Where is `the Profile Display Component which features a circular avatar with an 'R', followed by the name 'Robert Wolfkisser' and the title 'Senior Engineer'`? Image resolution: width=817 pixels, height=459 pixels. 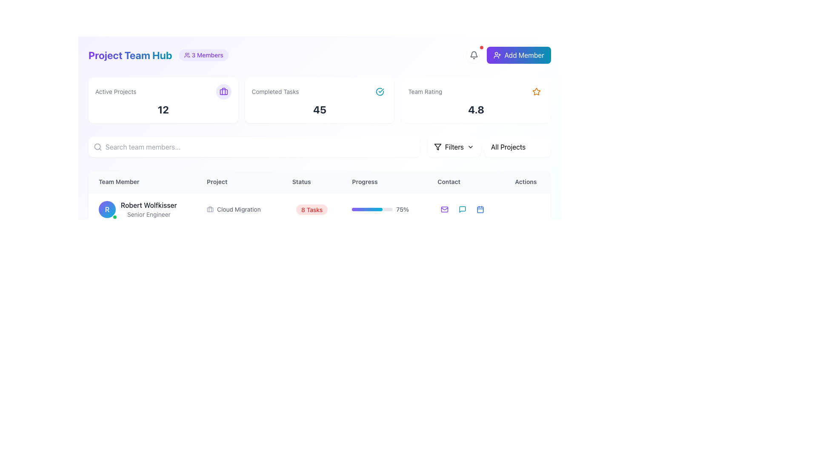 the Profile Display Component which features a circular avatar with an 'R', followed by the name 'Robert Wolfkisser' and the title 'Senior Engineer' is located at coordinates (143, 209).